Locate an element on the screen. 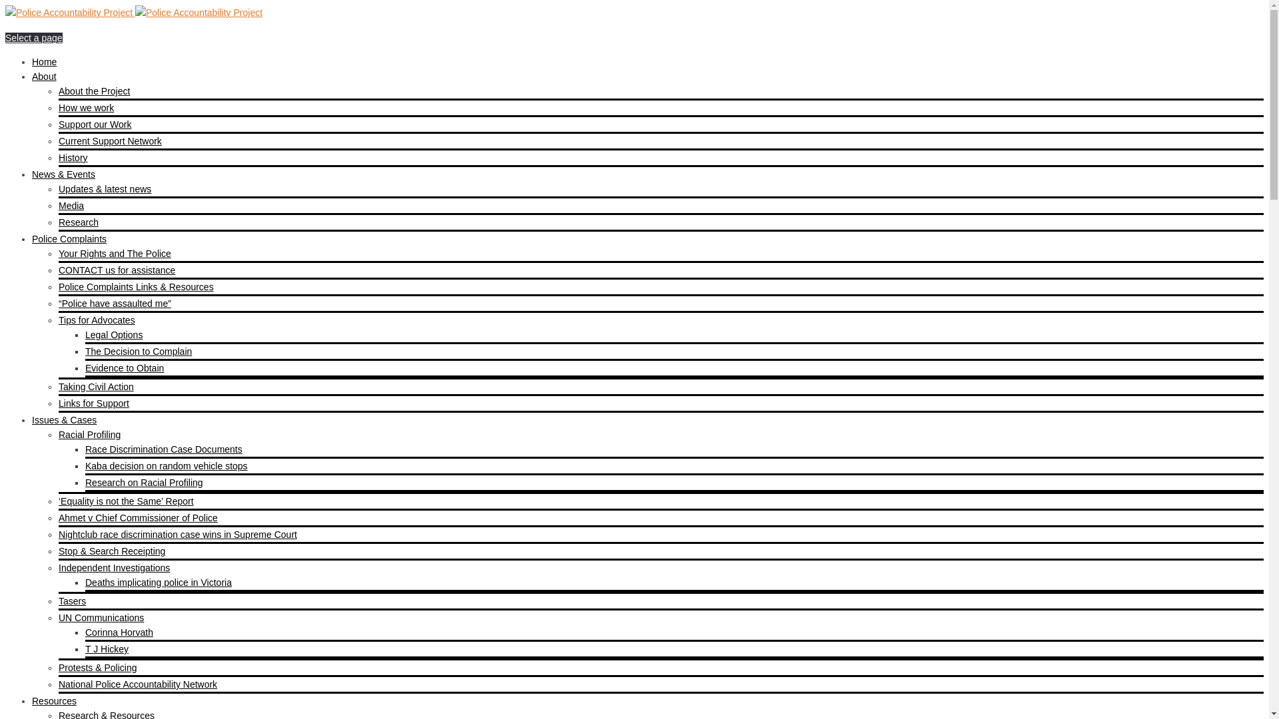 This screenshot has height=719, width=1279. 'The Decision to Complain' is located at coordinates (138, 351).